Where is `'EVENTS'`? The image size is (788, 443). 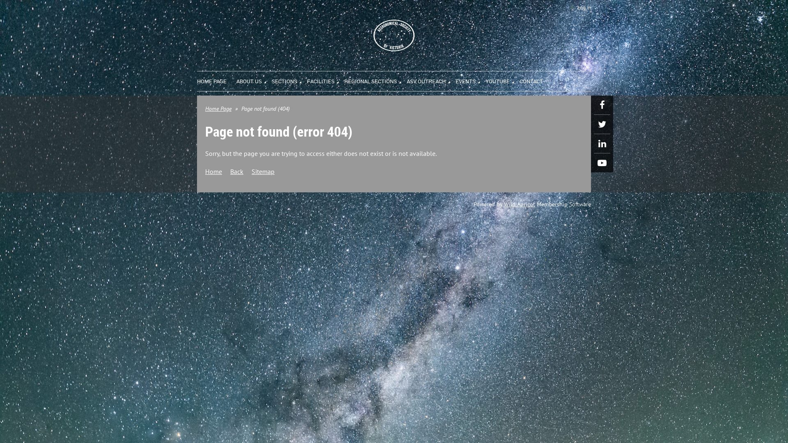 'EVENTS' is located at coordinates (470, 80).